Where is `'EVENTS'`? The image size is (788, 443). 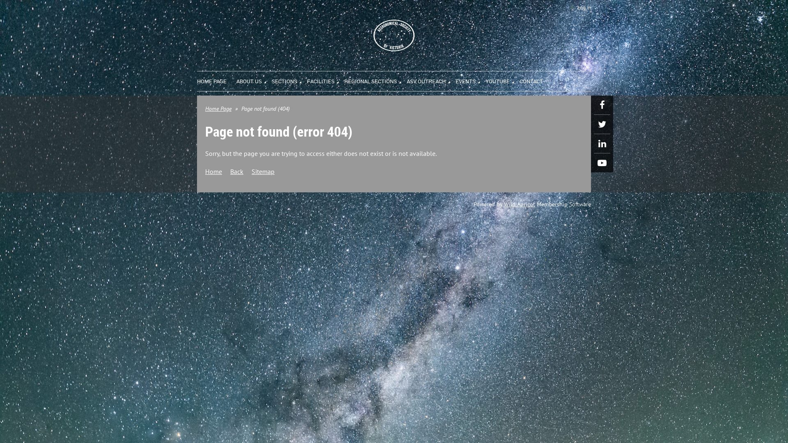 'EVENTS' is located at coordinates (470, 80).